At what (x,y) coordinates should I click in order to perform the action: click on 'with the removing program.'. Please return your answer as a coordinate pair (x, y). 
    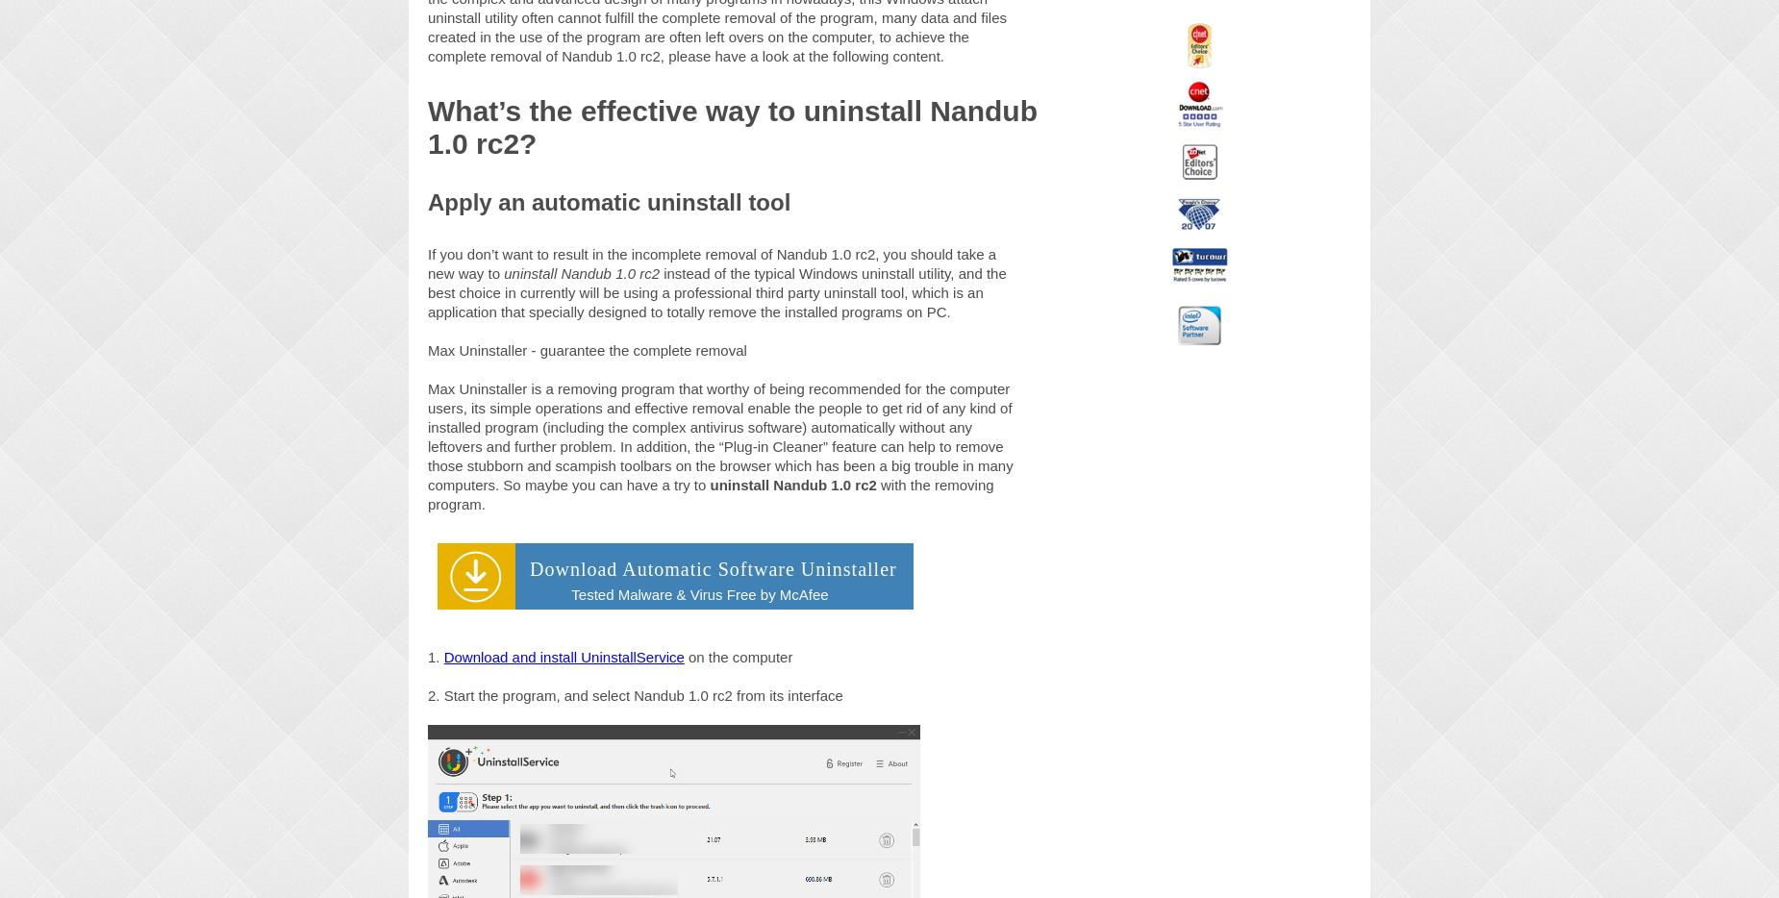
    Looking at the image, I should click on (426, 493).